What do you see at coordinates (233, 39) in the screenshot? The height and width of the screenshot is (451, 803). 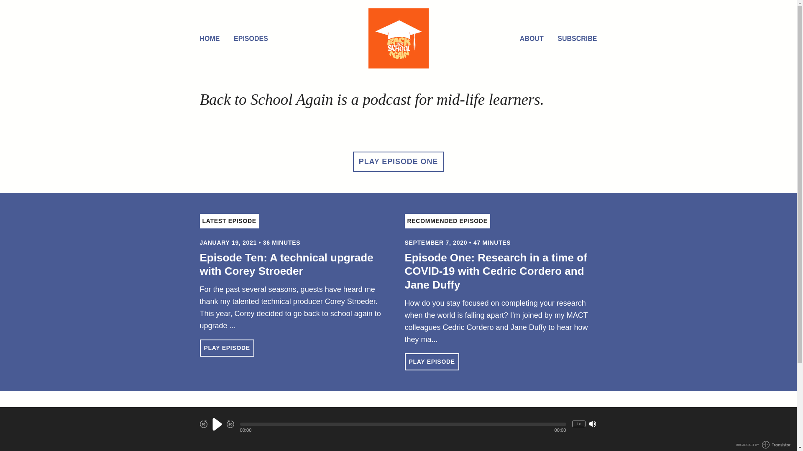 I see `'EPISODES'` at bounding box center [233, 39].